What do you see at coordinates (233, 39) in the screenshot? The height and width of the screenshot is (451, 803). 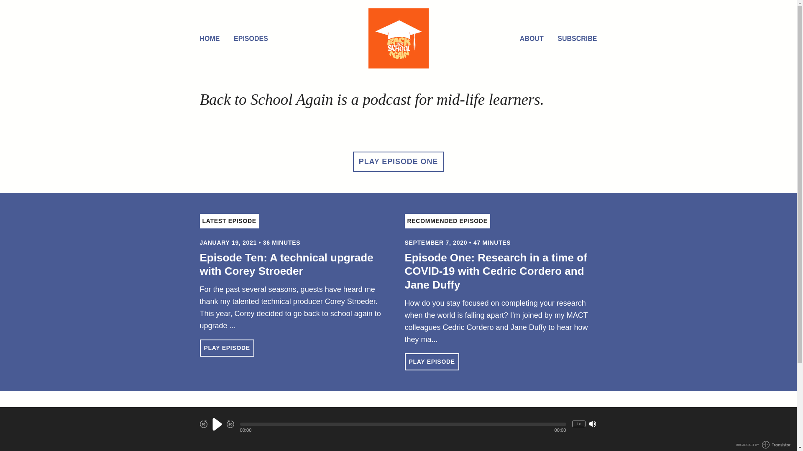 I see `'EPISODES'` at bounding box center [233, 39].